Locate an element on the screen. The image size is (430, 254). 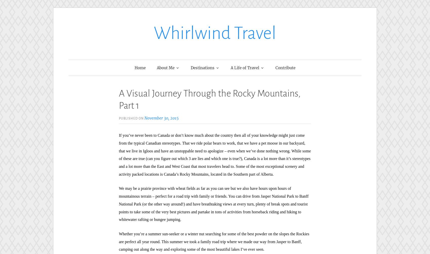
'About Me' is located at coordinates (166, 67).